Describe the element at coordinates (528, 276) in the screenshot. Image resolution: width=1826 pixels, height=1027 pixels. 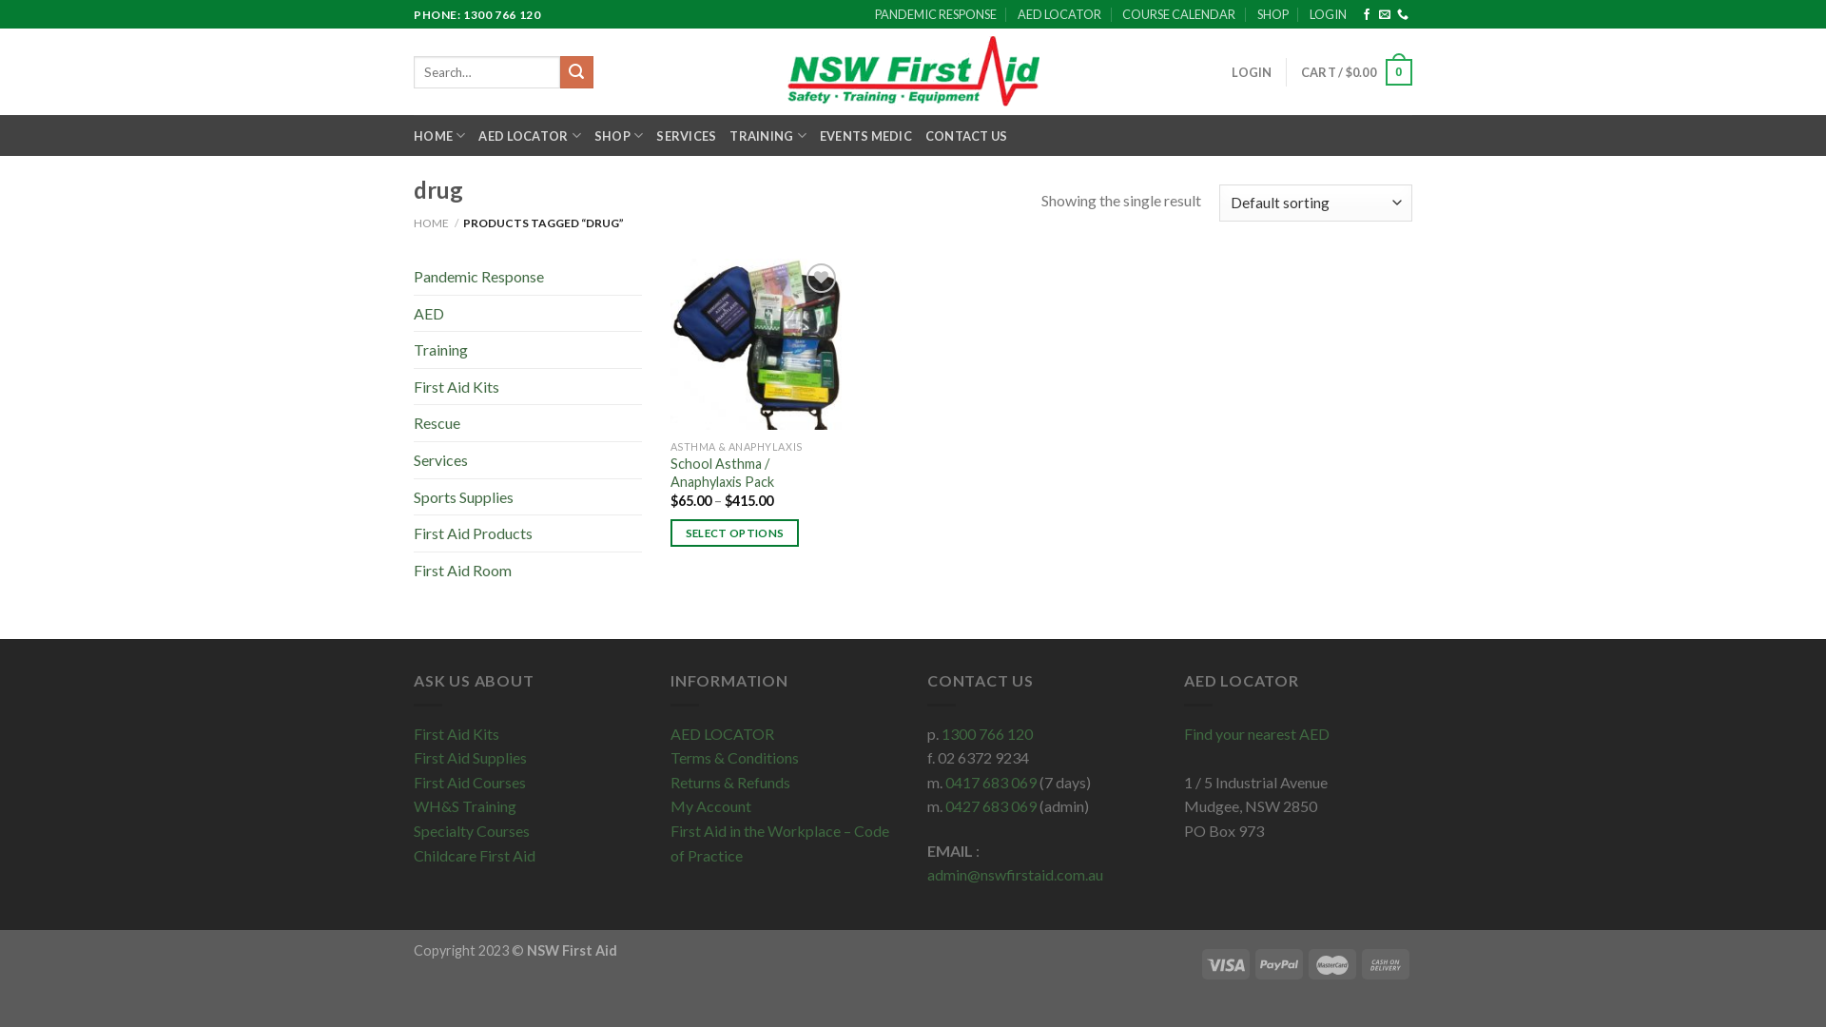
I see `'Pandemic Response'` at that location.